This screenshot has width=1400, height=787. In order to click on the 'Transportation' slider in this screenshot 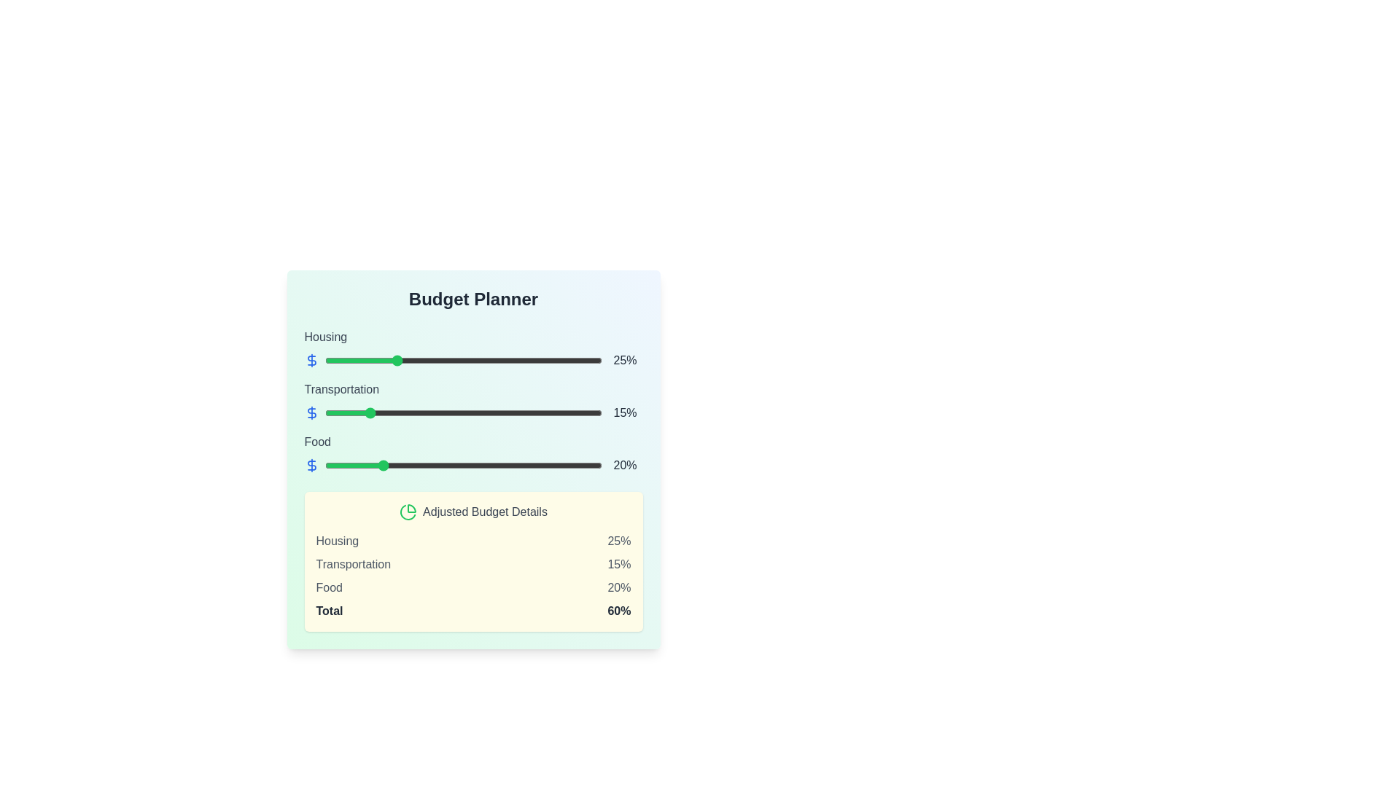, I will do `click(437, 413)`.